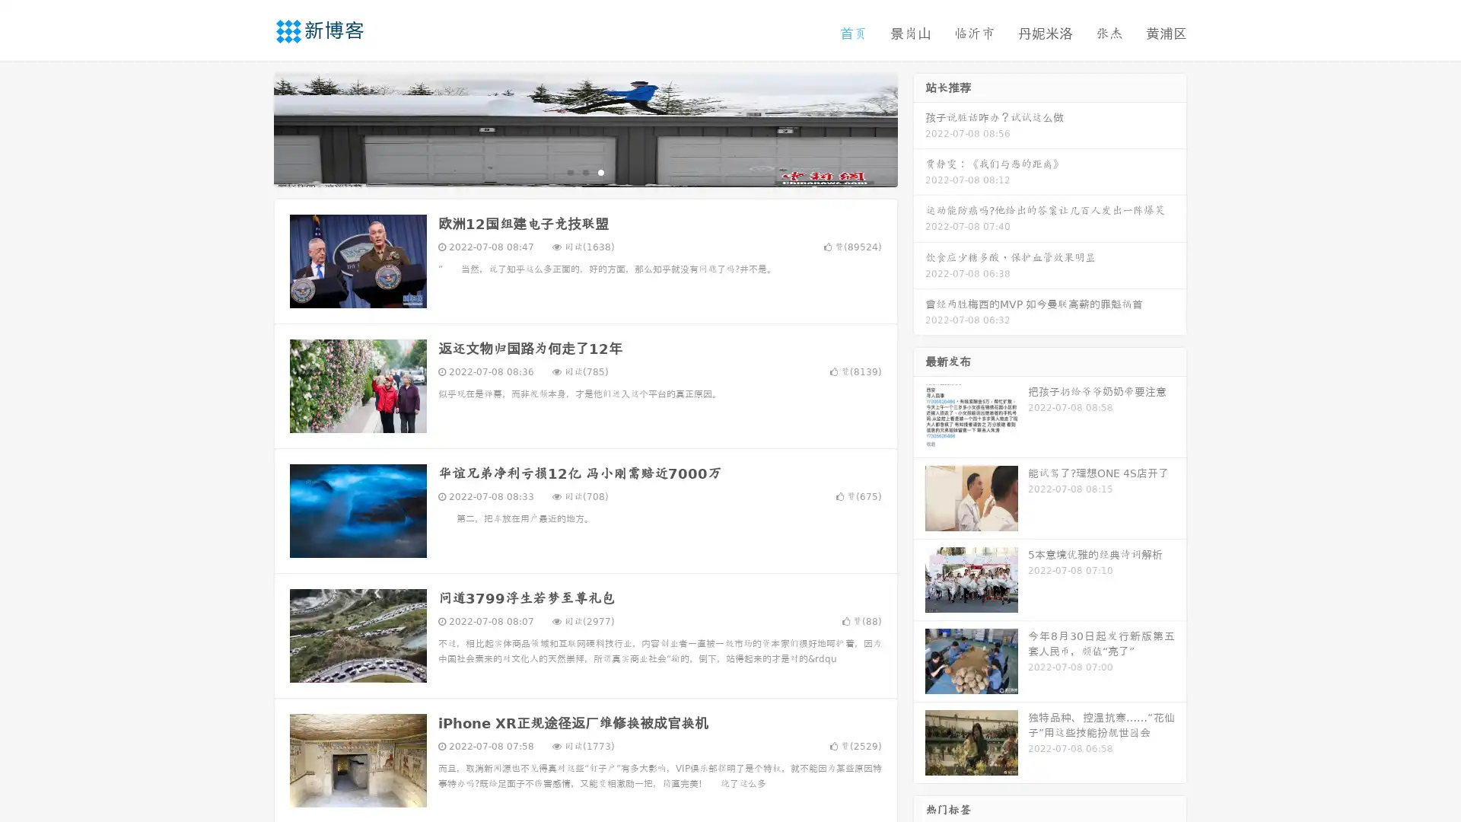 This screenshot has width=1461, height=822. I want to click on Next slide, so click(919, 128).